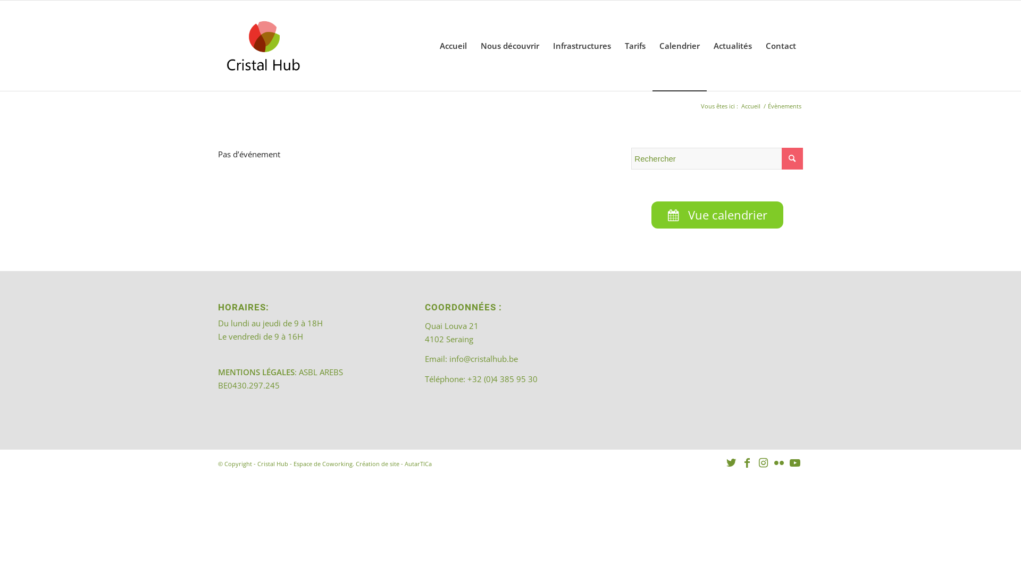 This screenshot has width=1021, height=574. Describe the element at coordinates (750, 106) in the screenshot. I see `'Accueil'` at that location.